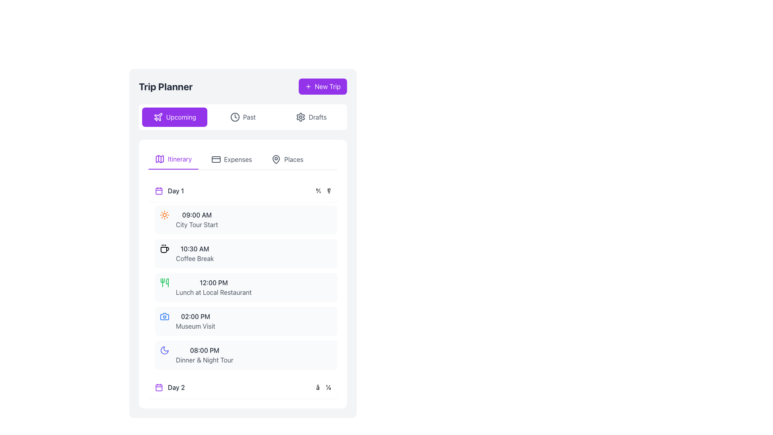 The width and height of the screenshot is (773, 435). I want to click on the time marker text label indicating the scheduled start time for the 'Museum Visit' activity in the itinerary, located under 'Day 1', so click(195, 316).